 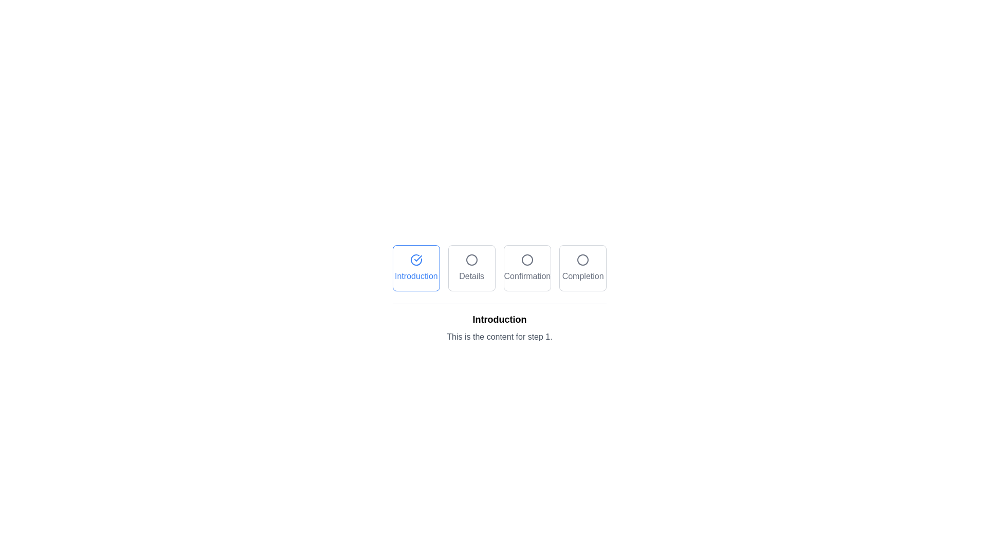 What do you see at coordinates (471, 259) in the screenshot?
I see `the 'Details' icon, which is the second icon in a sequence of horizontally aligned icons, located directly above the text 'Details'` at bounding box center [471, 259].